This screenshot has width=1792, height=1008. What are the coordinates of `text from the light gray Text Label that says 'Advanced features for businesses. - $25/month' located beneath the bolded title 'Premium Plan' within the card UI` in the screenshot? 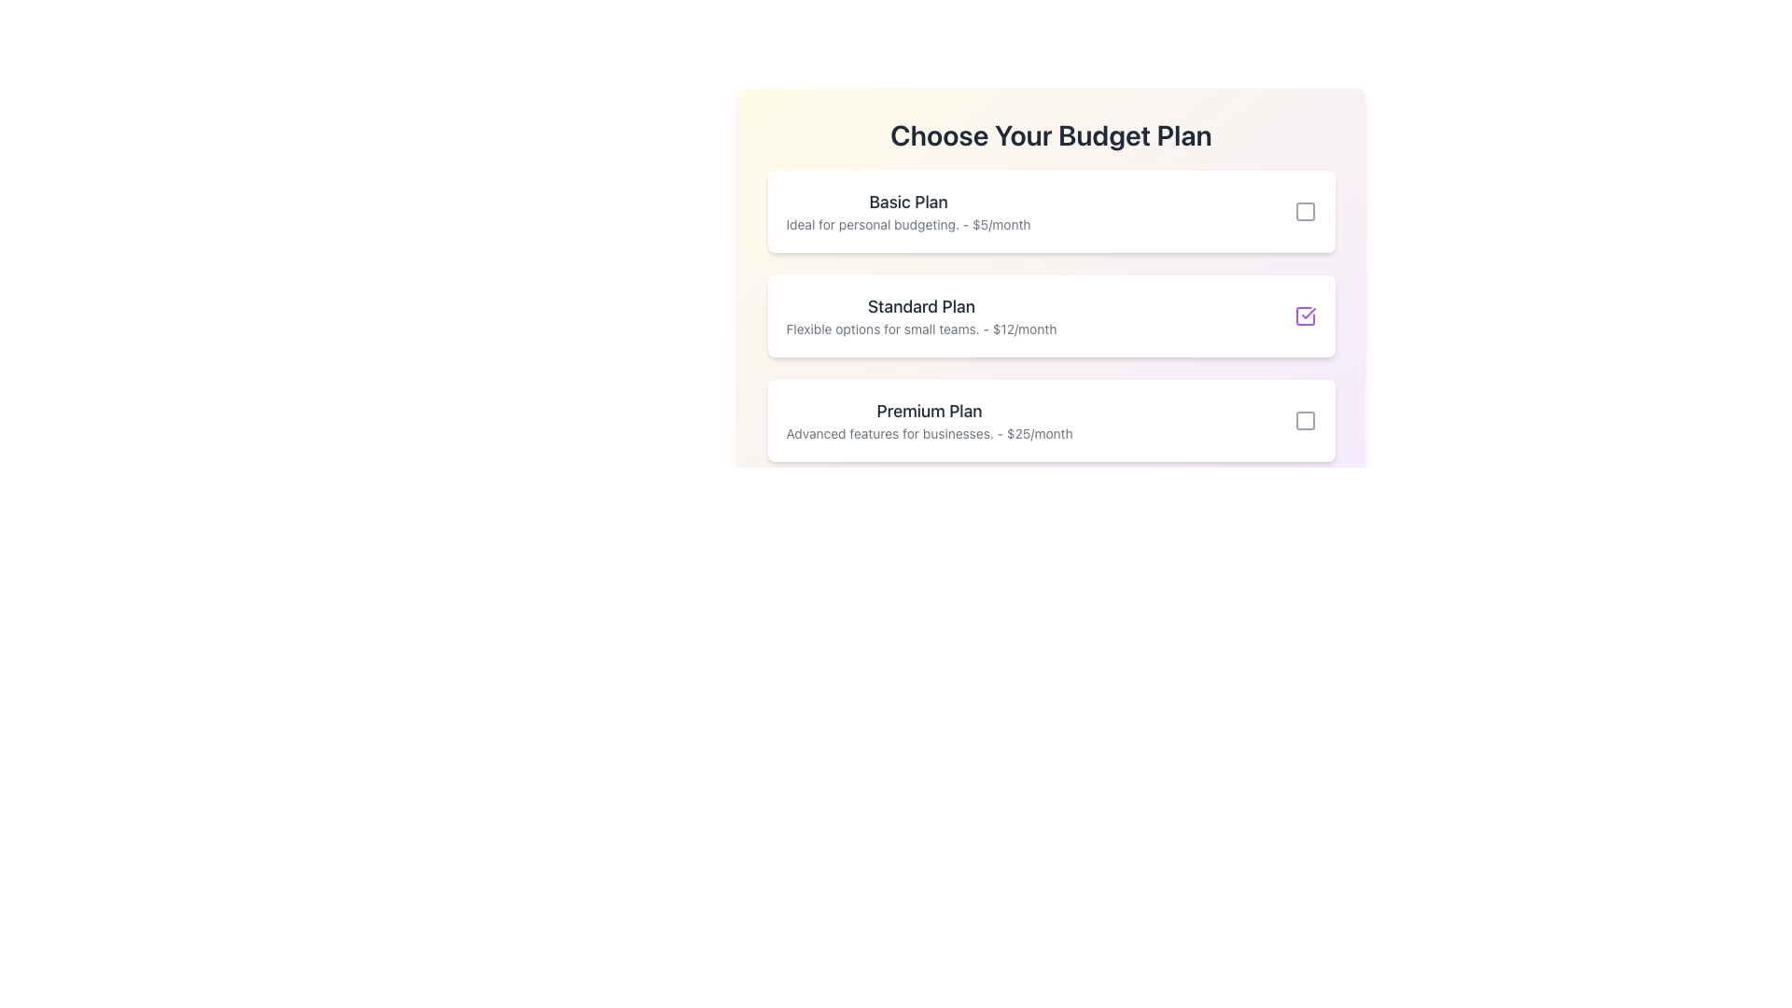 It's located at (930, 434).